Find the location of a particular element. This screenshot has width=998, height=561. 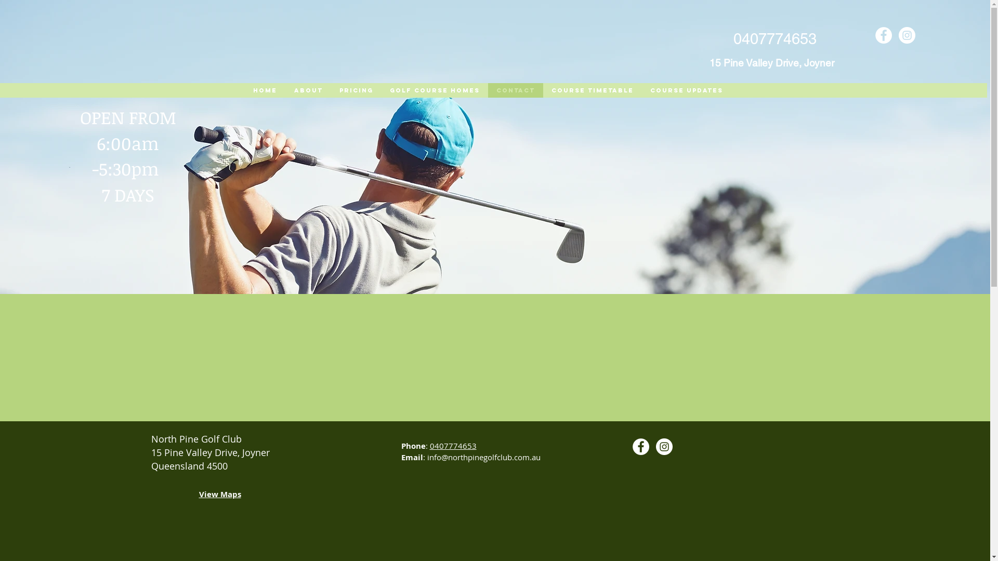

'Pricing' is located at coordinates (356, 89).